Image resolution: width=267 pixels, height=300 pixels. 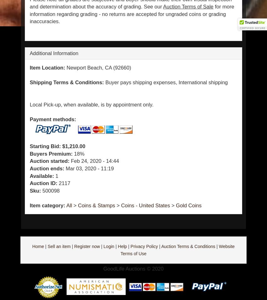 I want to click on 'Auction Terms & Conditions', so click(x=188, y=246).